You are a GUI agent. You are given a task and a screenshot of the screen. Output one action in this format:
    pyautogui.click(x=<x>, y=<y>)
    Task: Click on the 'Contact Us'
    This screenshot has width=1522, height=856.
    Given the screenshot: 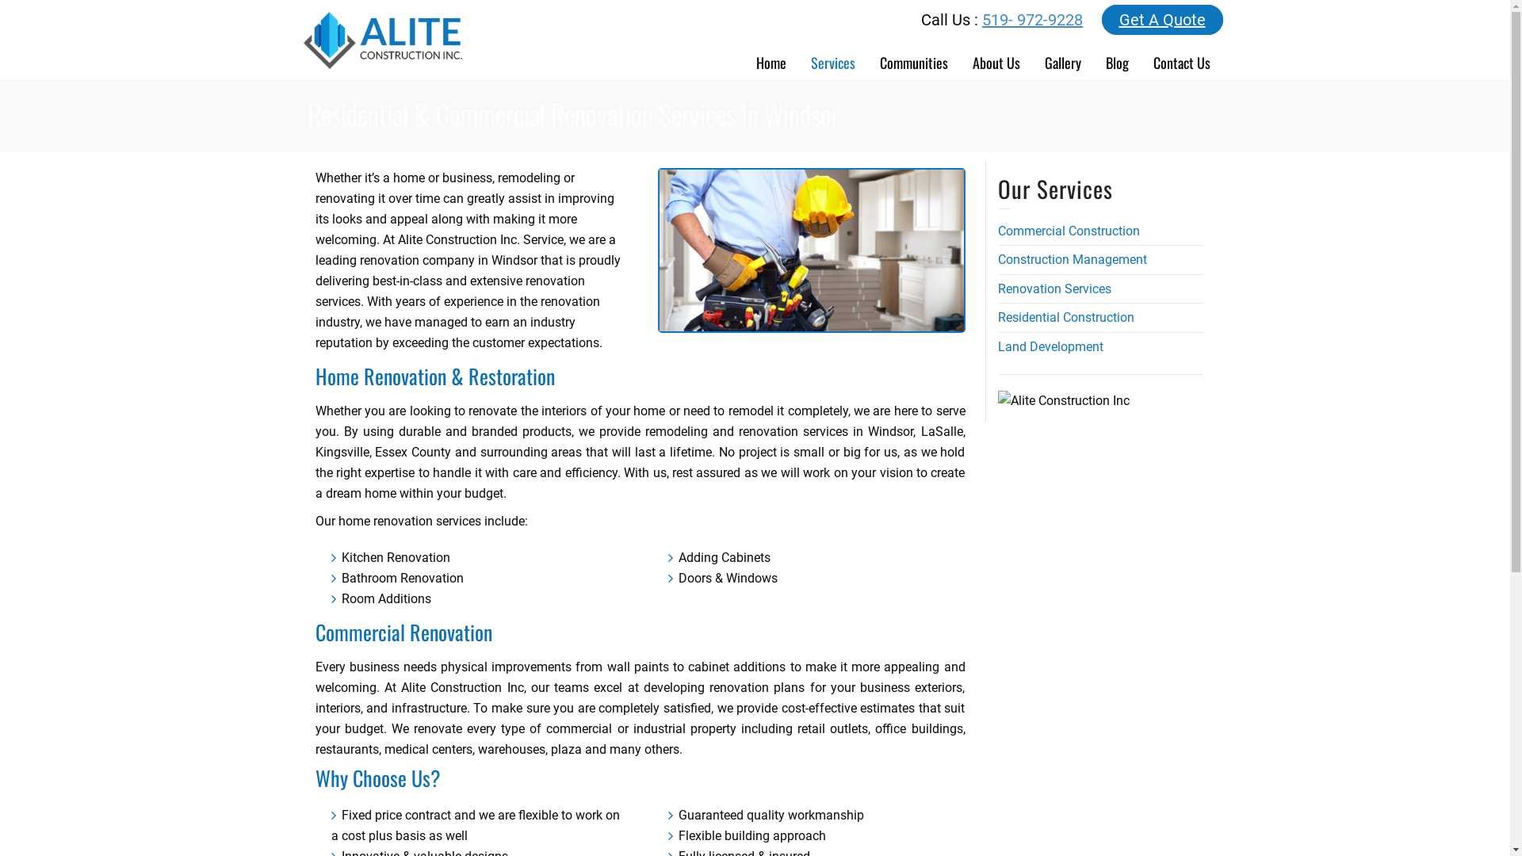 What is the action you would take?
    pyautogui.click(x=1182, y=56)
    